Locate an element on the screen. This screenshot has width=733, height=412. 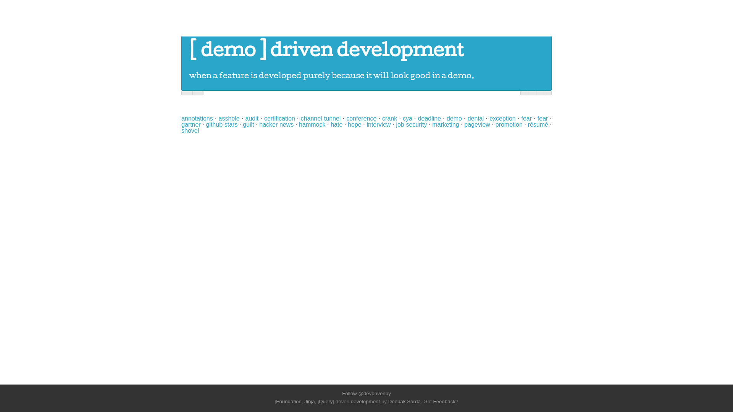
'Follow @devdrivenby' is located at coordinates (366, 393).